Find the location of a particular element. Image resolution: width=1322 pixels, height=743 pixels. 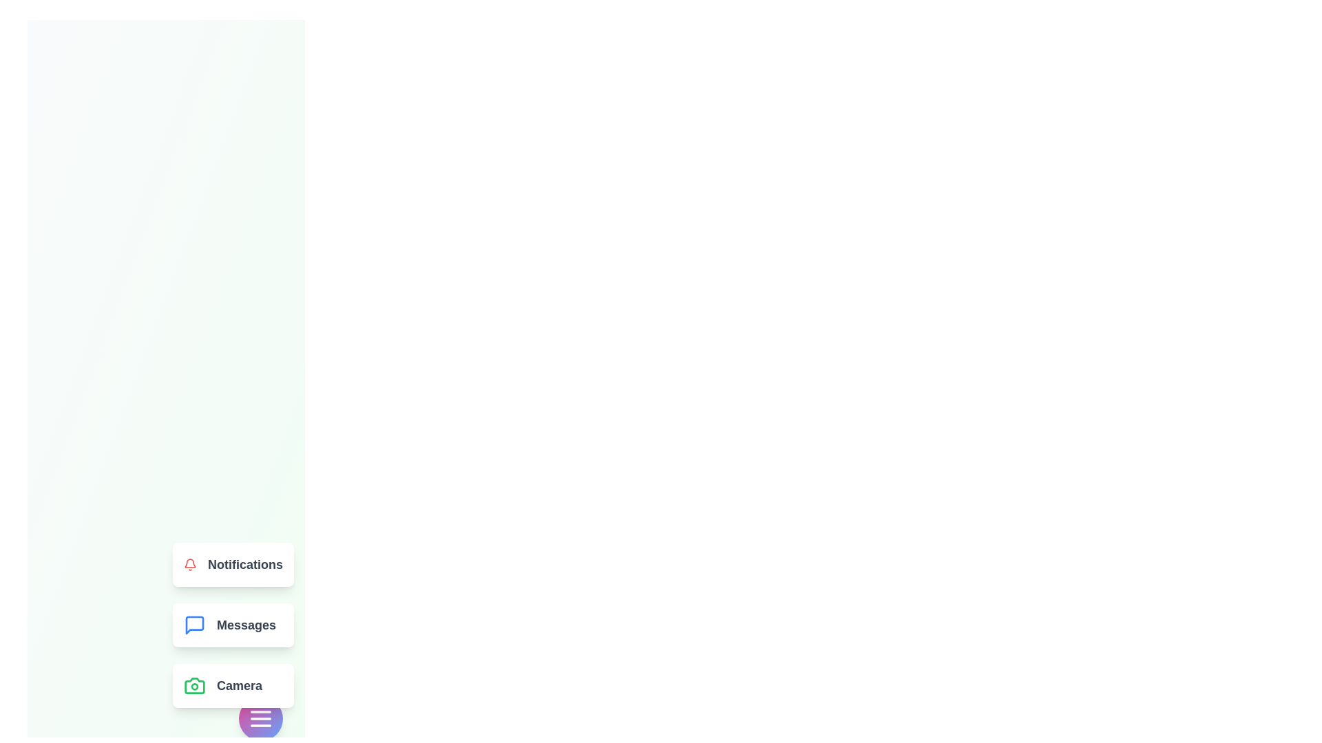

the 'Notifications' option is located at coordinates (233, 565).